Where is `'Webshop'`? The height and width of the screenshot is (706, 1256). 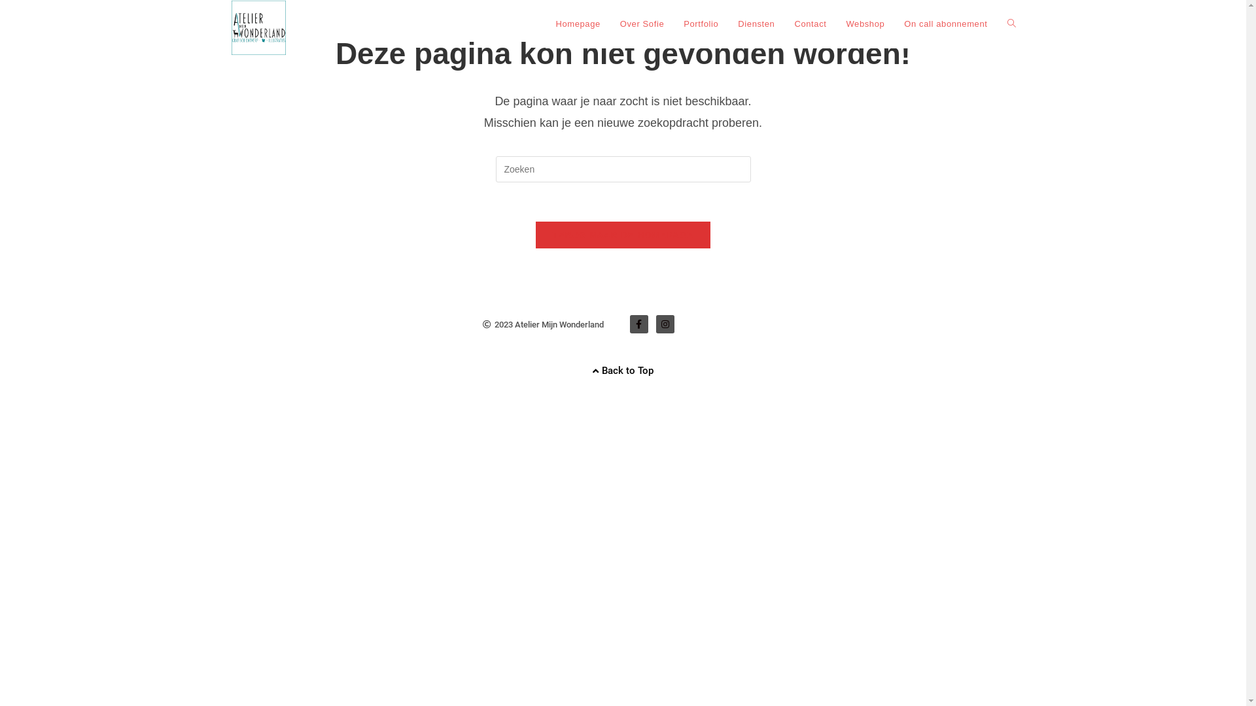
'Webshop' is located at coordinates (835, 24).